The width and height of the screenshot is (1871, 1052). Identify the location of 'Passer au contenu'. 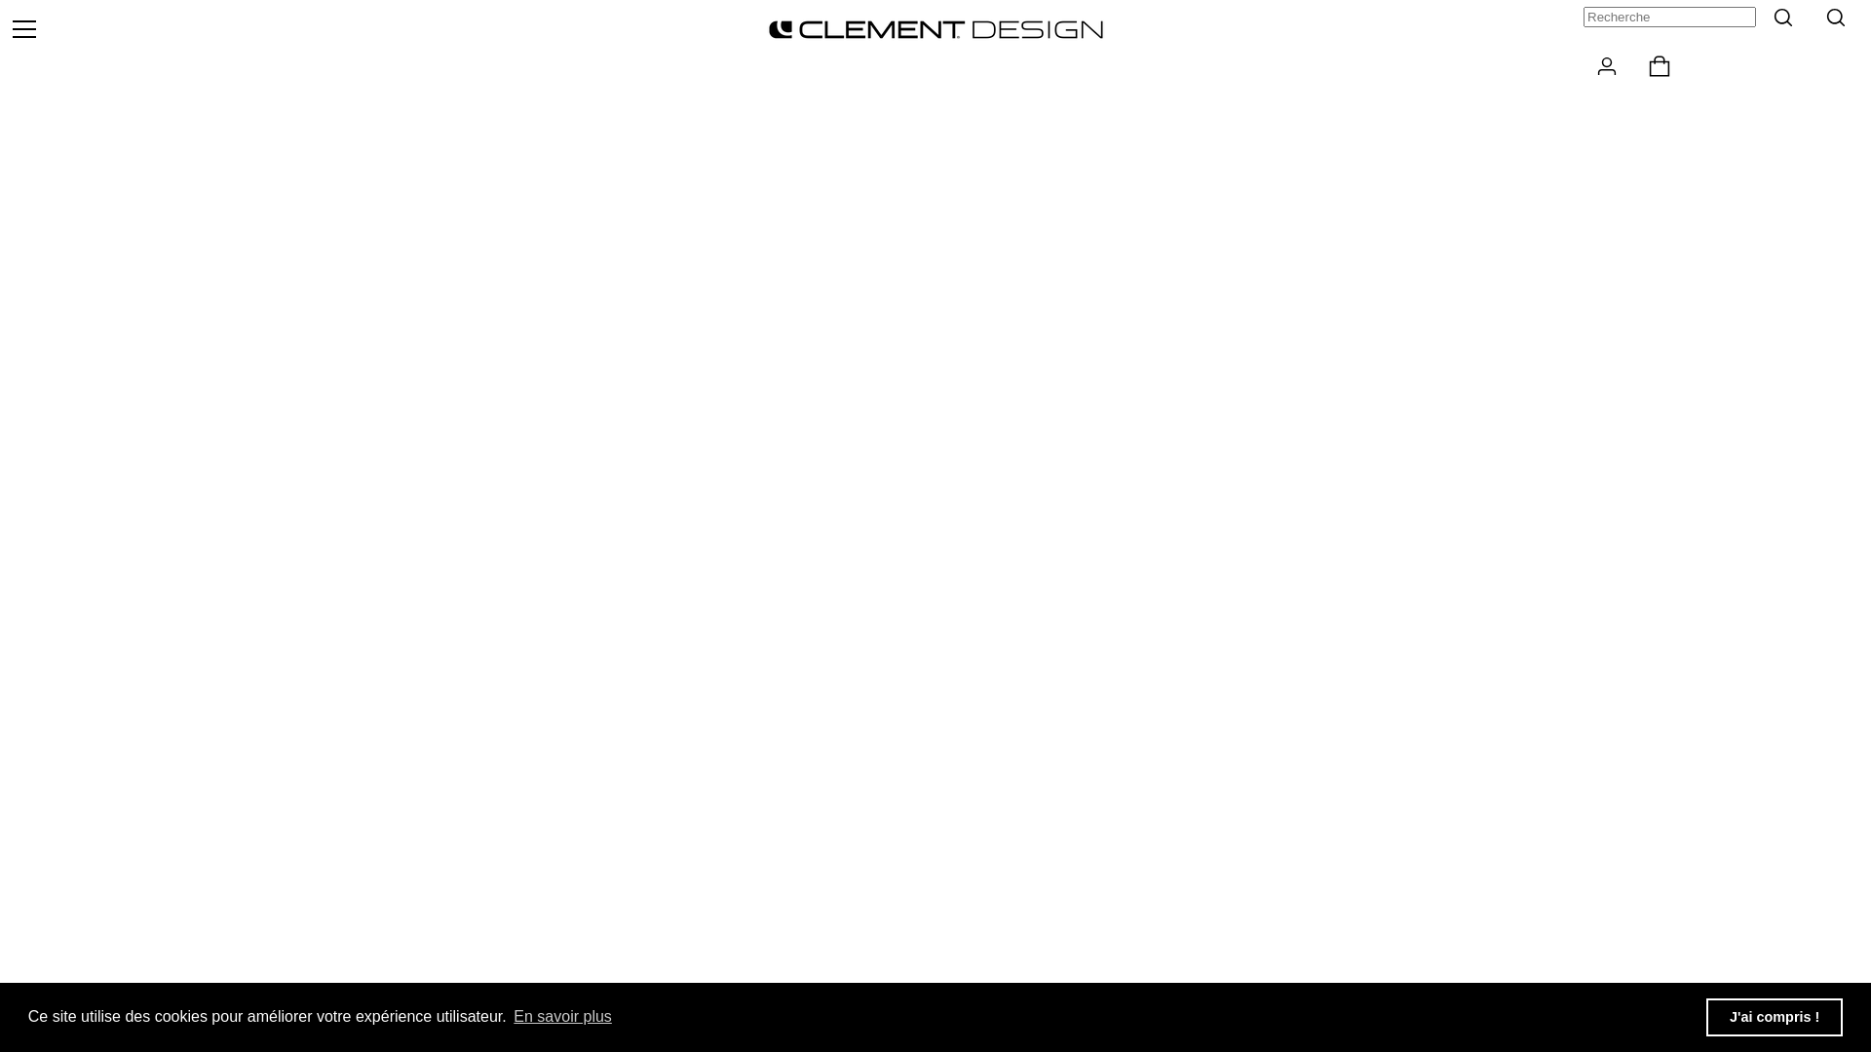
(0, 0).